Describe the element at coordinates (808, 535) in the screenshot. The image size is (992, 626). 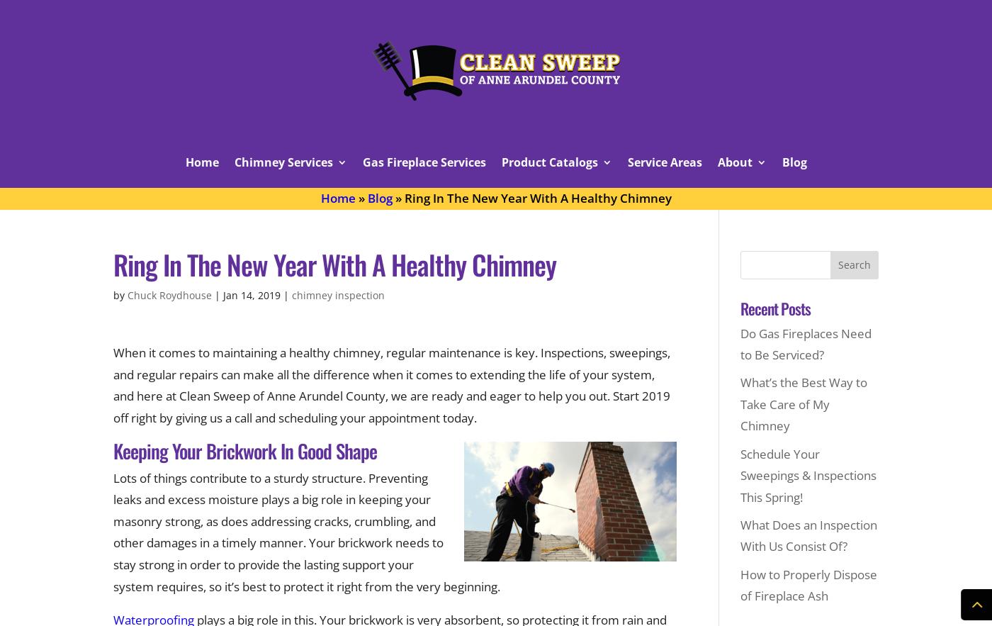
I see `'What Does an Inspection With Us Consist Of?'` at that location.